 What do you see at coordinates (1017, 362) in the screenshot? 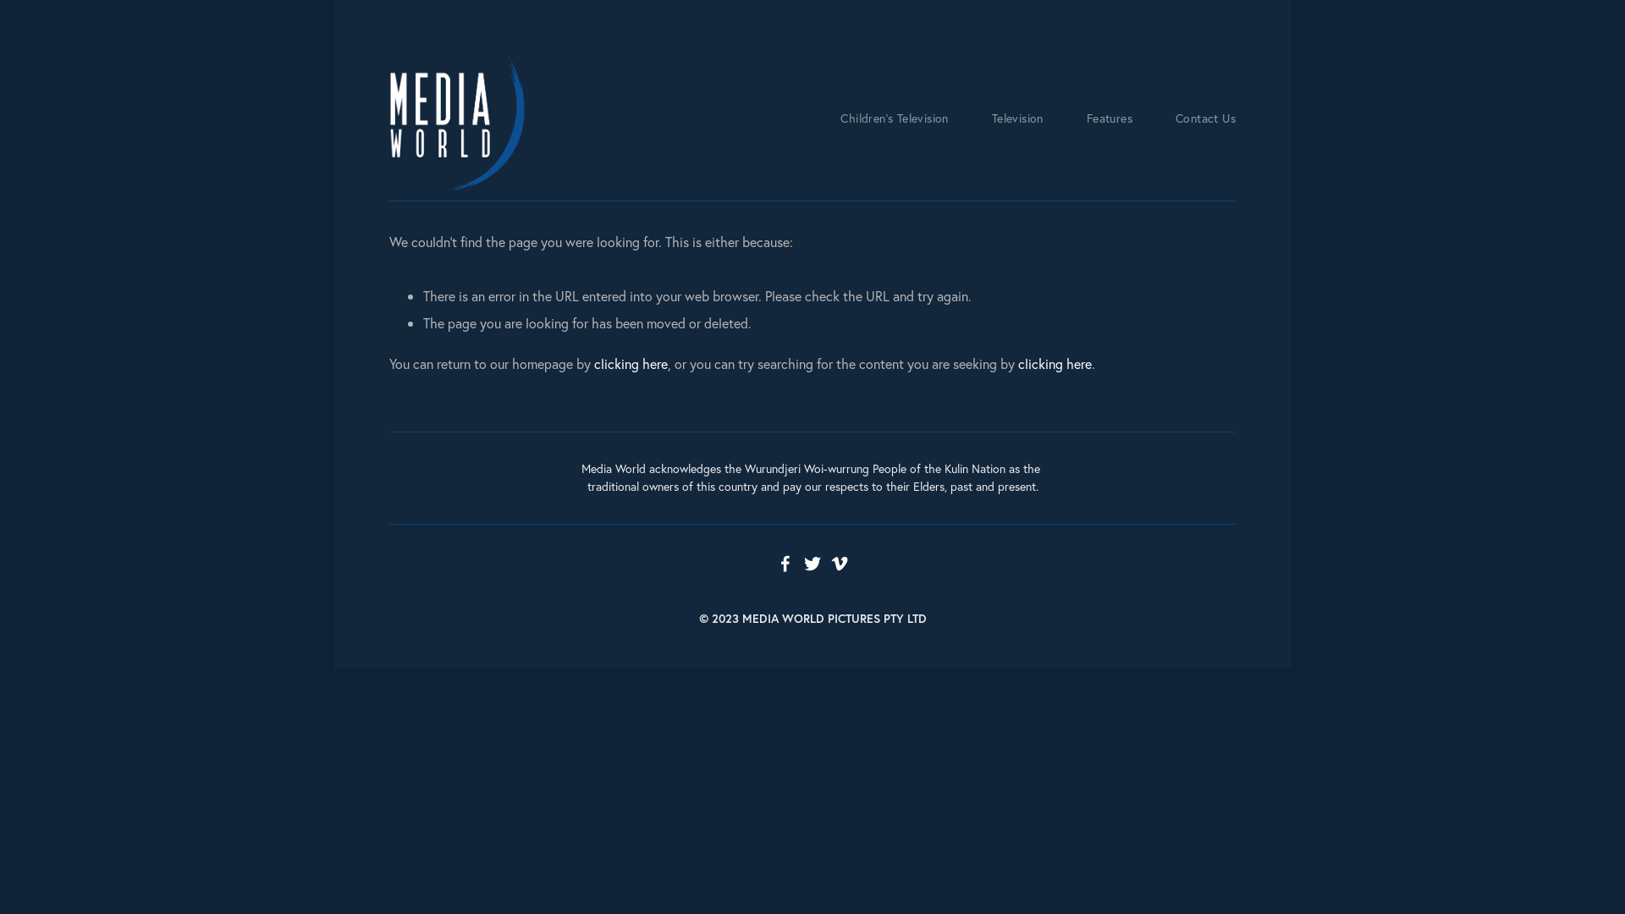
I see `'clicking here'` at bounding box center [1017, 362].